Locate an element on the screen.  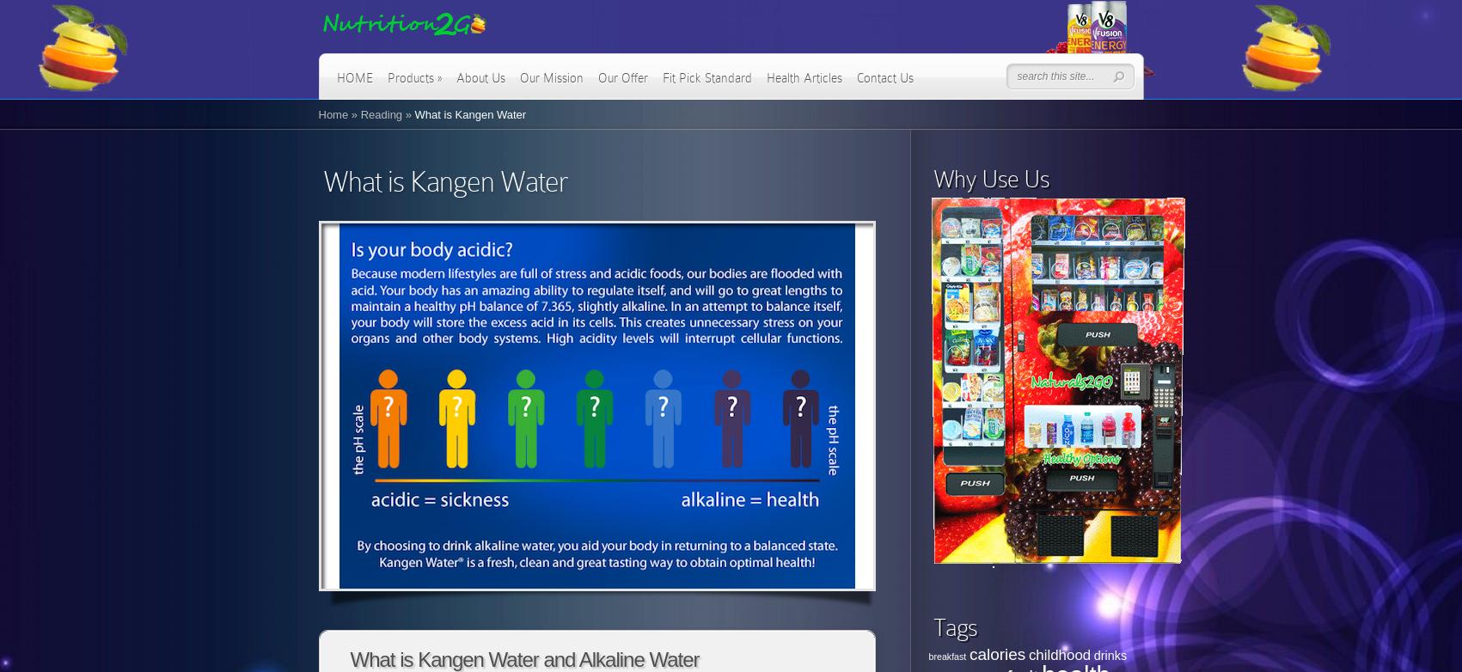
'Reading' is located at coordinates (358, 114).